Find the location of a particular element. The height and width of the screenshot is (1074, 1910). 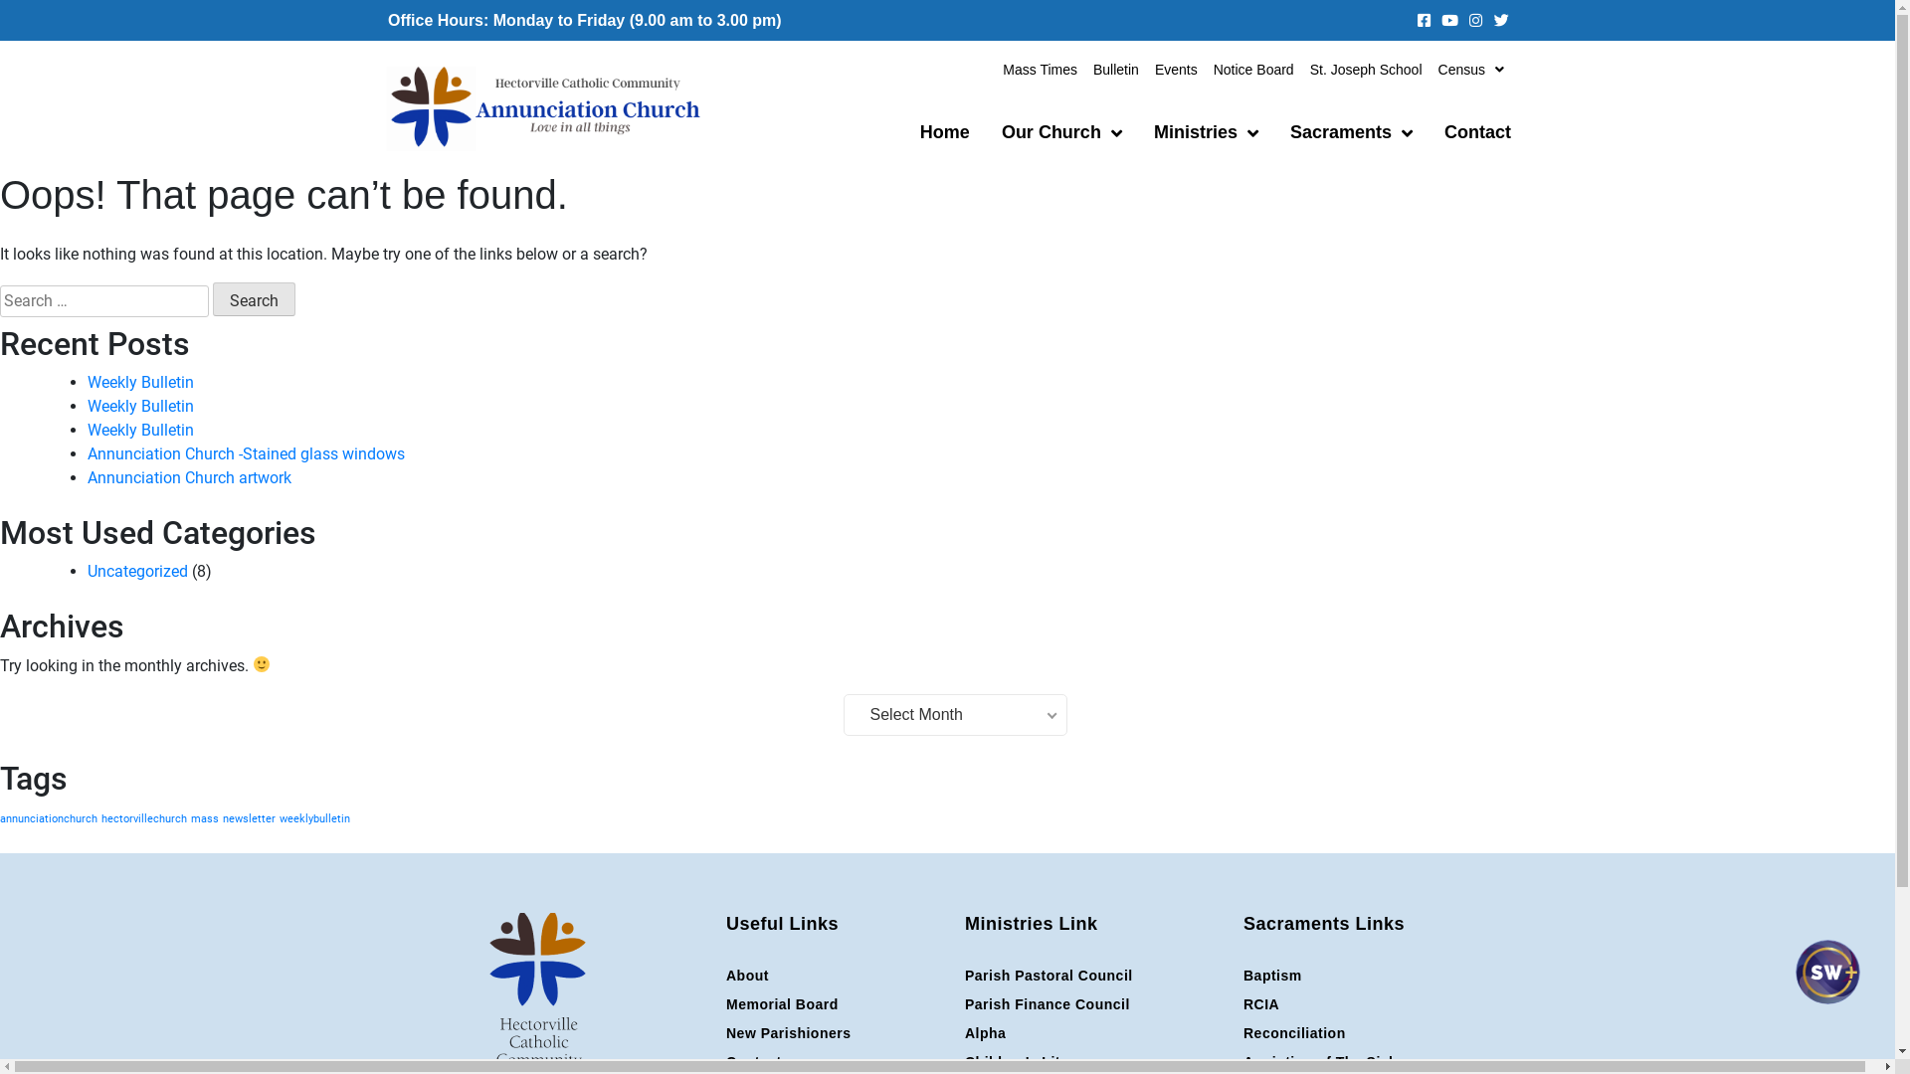

'Annunciation Church -Stained glass windows' is located at coordinates (245, 453).